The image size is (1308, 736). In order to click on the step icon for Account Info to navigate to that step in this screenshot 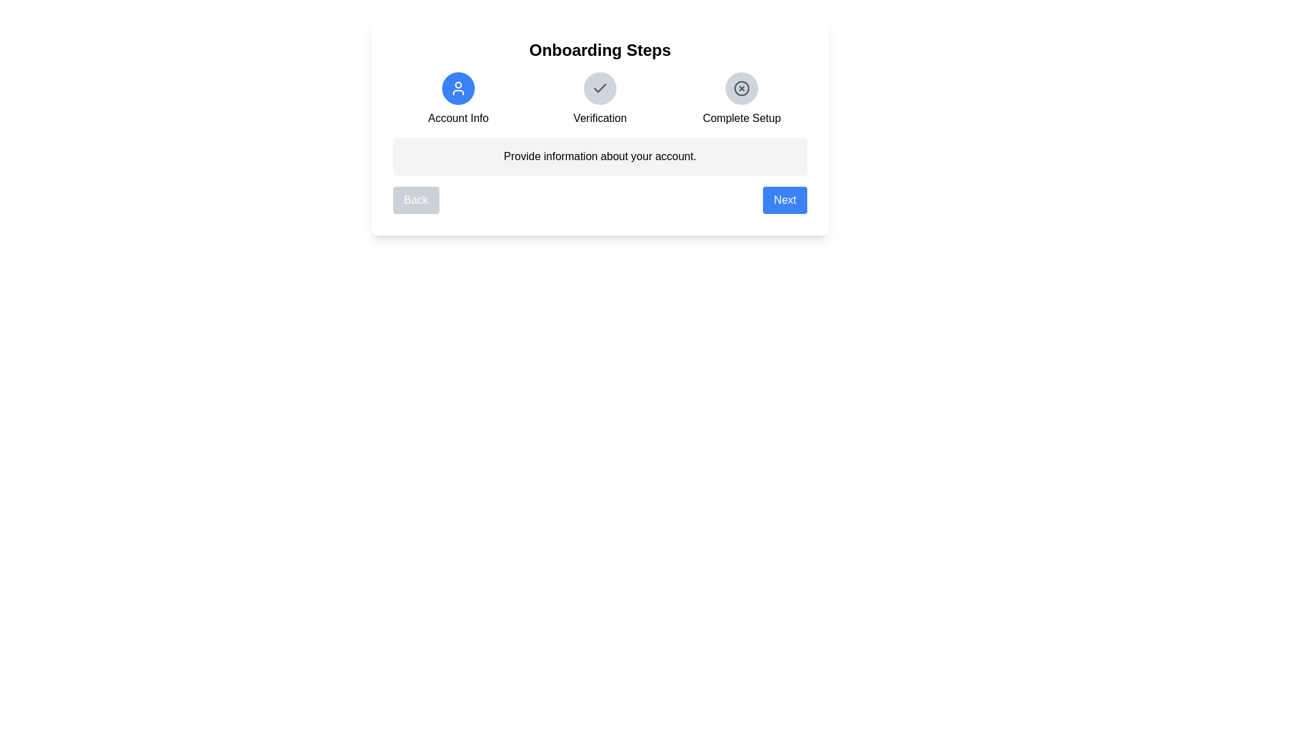, I will do `click(458, 89)`.